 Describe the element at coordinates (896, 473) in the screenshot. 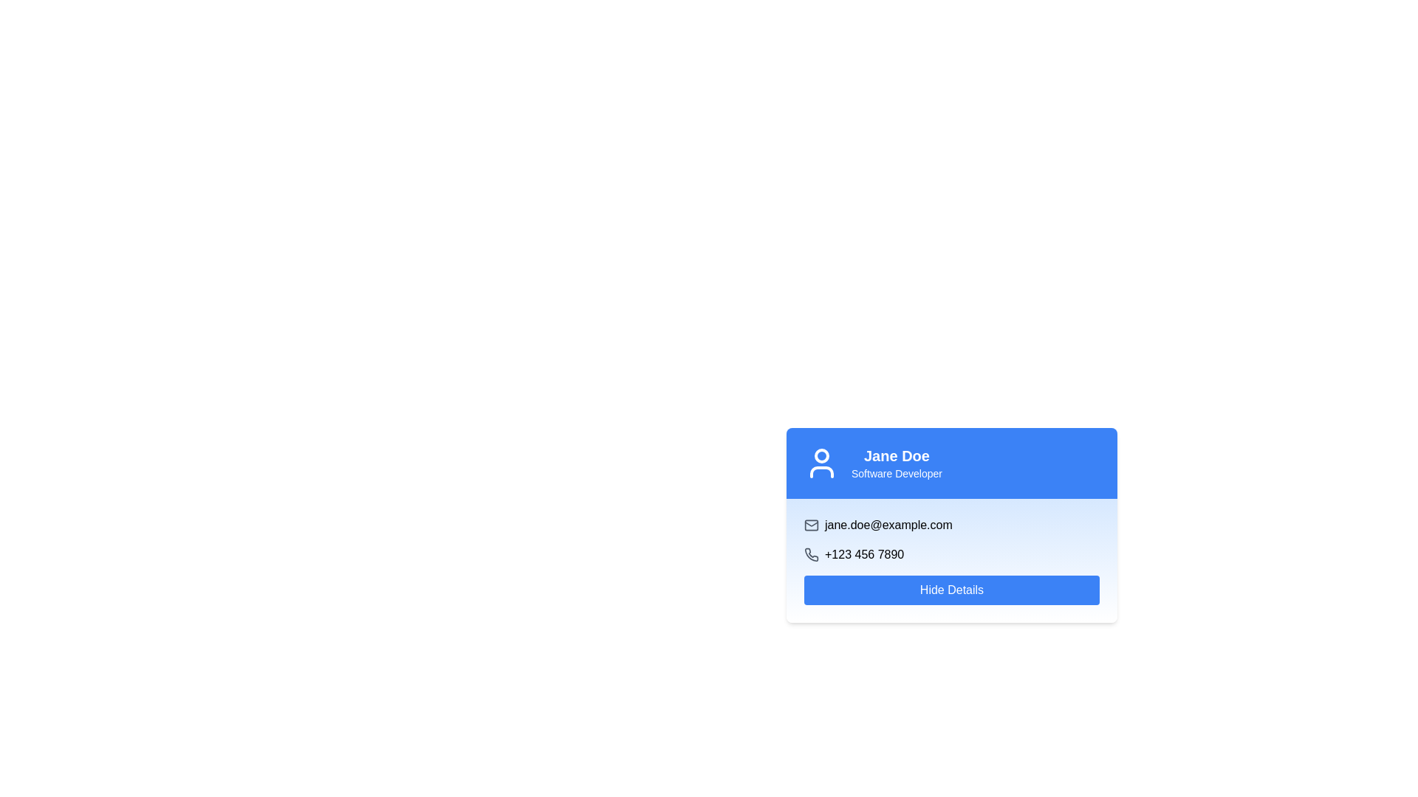

I see `text displayed as 'Software Developer' located prominently below 'Jane Doe' in the blue header section of the information card` at that location.